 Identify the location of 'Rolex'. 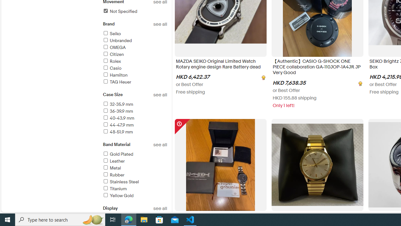
(134, 62).